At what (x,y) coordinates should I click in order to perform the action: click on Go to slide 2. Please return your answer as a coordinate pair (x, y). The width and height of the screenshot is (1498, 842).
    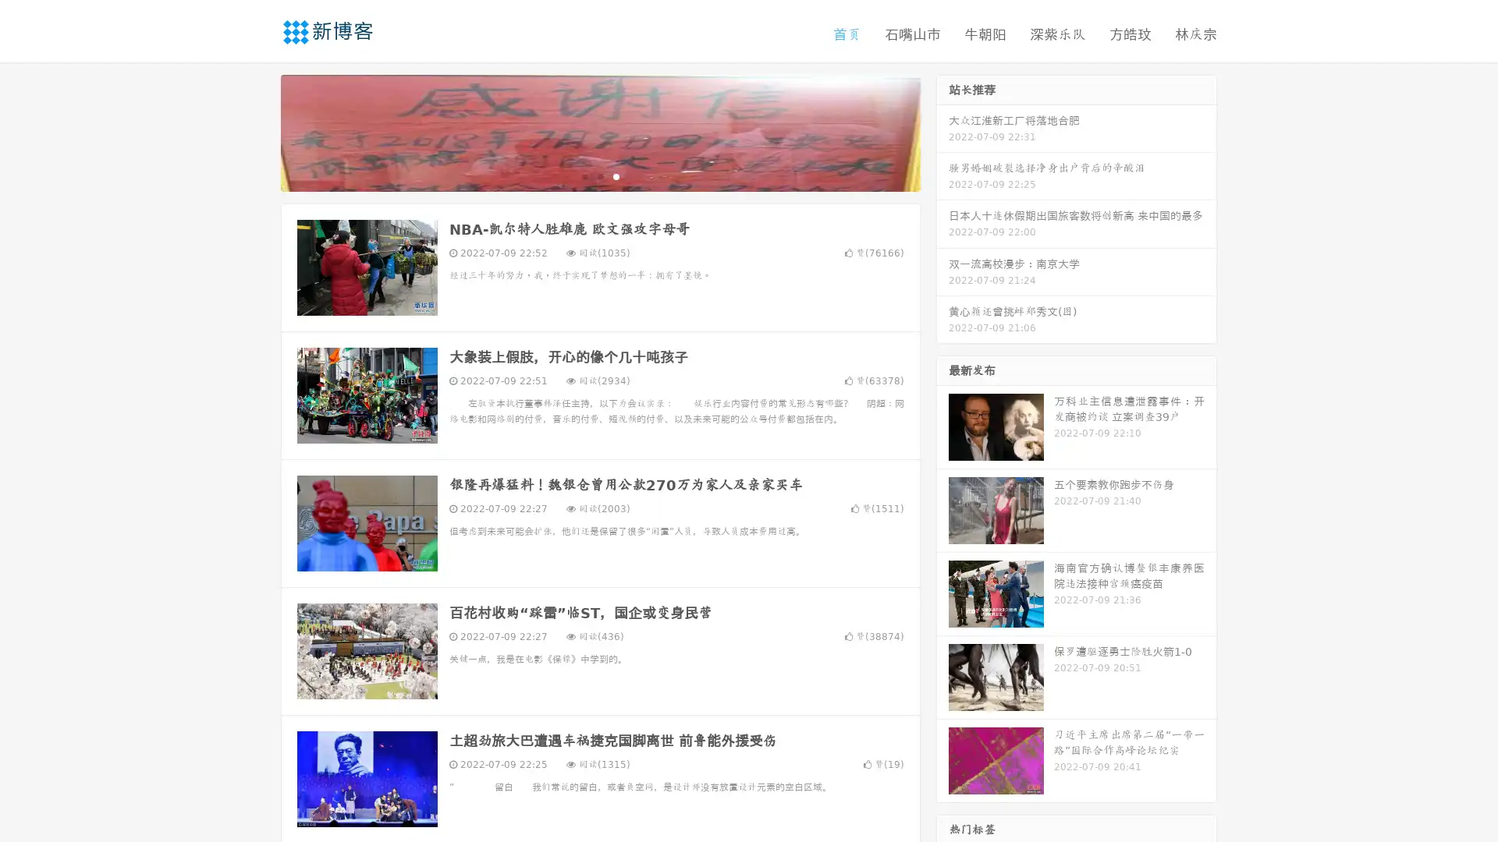
    Looking at the image, I should click on (599, 175).